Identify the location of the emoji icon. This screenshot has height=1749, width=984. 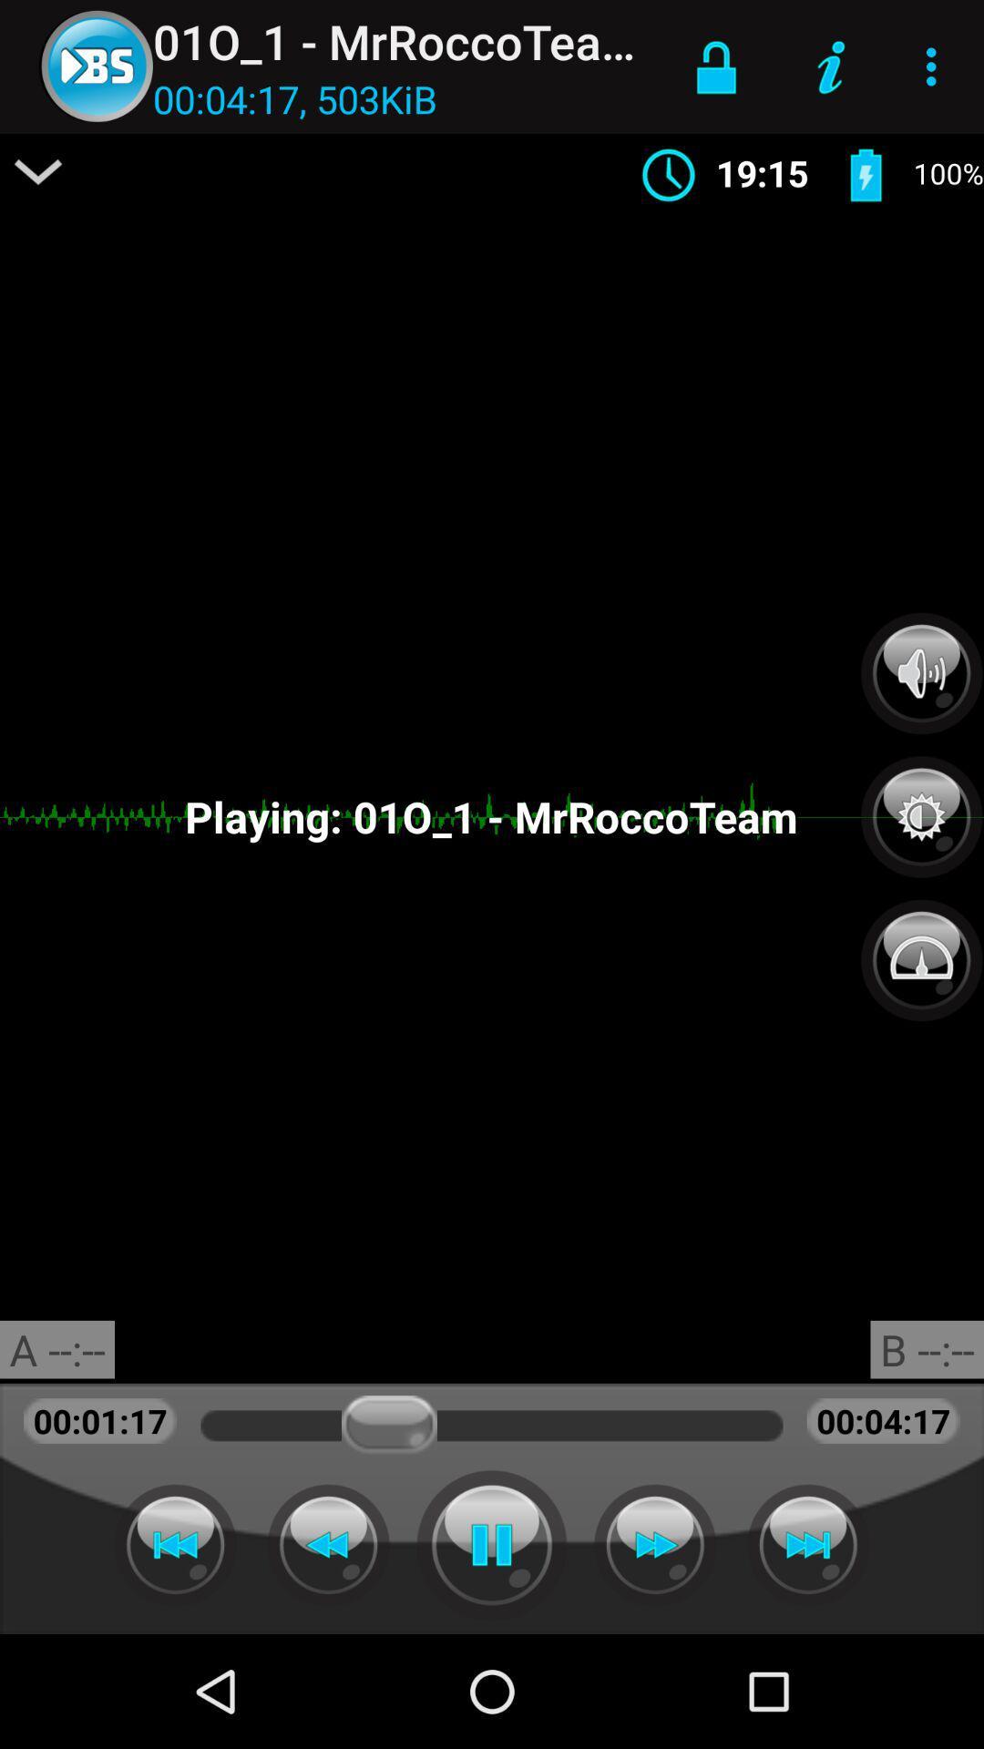
(921, 949).